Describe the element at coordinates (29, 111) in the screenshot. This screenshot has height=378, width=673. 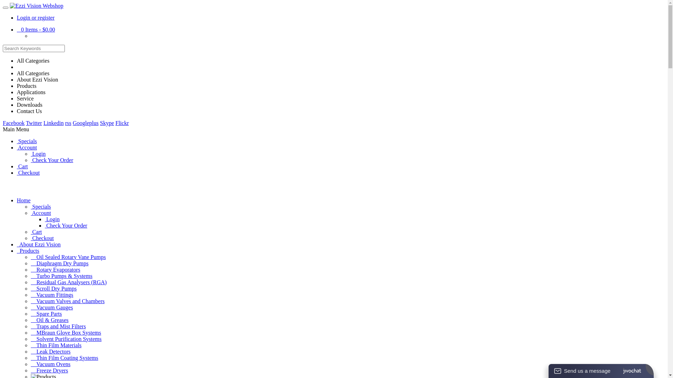
I see `'Contact Us'` at that location.